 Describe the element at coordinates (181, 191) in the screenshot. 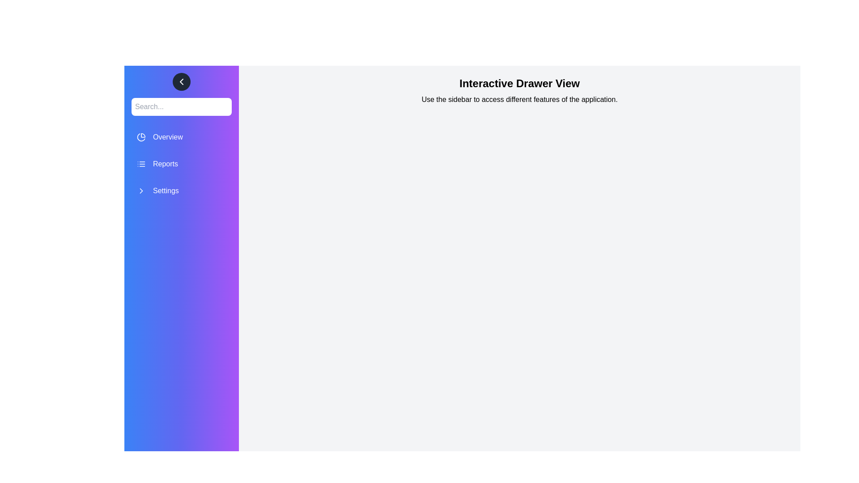

I see `the menu item Settings to navigate to the respective section` at that location.